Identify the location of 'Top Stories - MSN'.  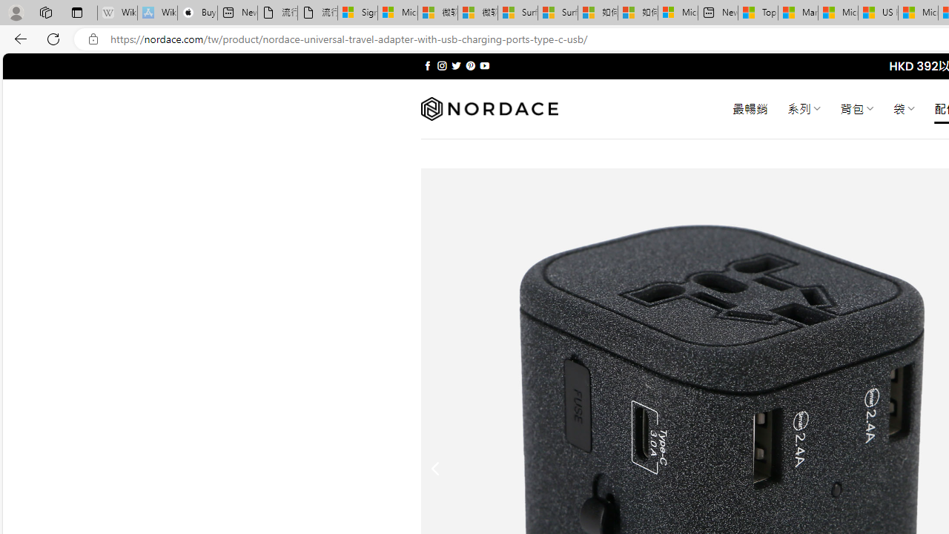
(758, 13).